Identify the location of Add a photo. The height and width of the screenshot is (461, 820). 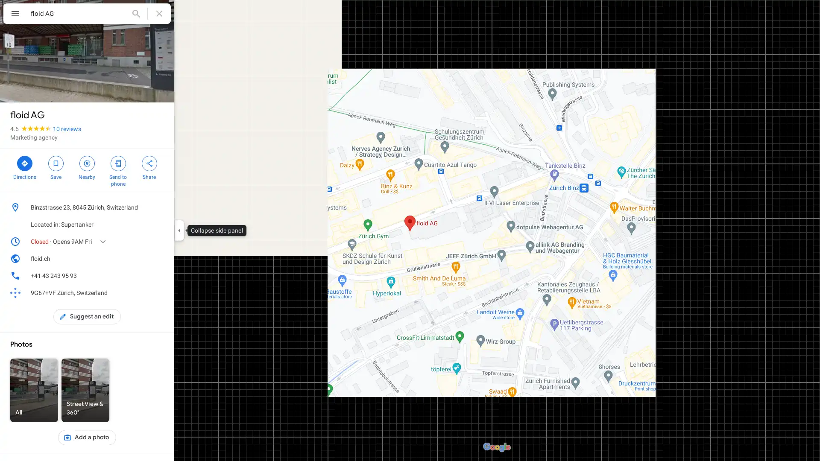
(87, 438).